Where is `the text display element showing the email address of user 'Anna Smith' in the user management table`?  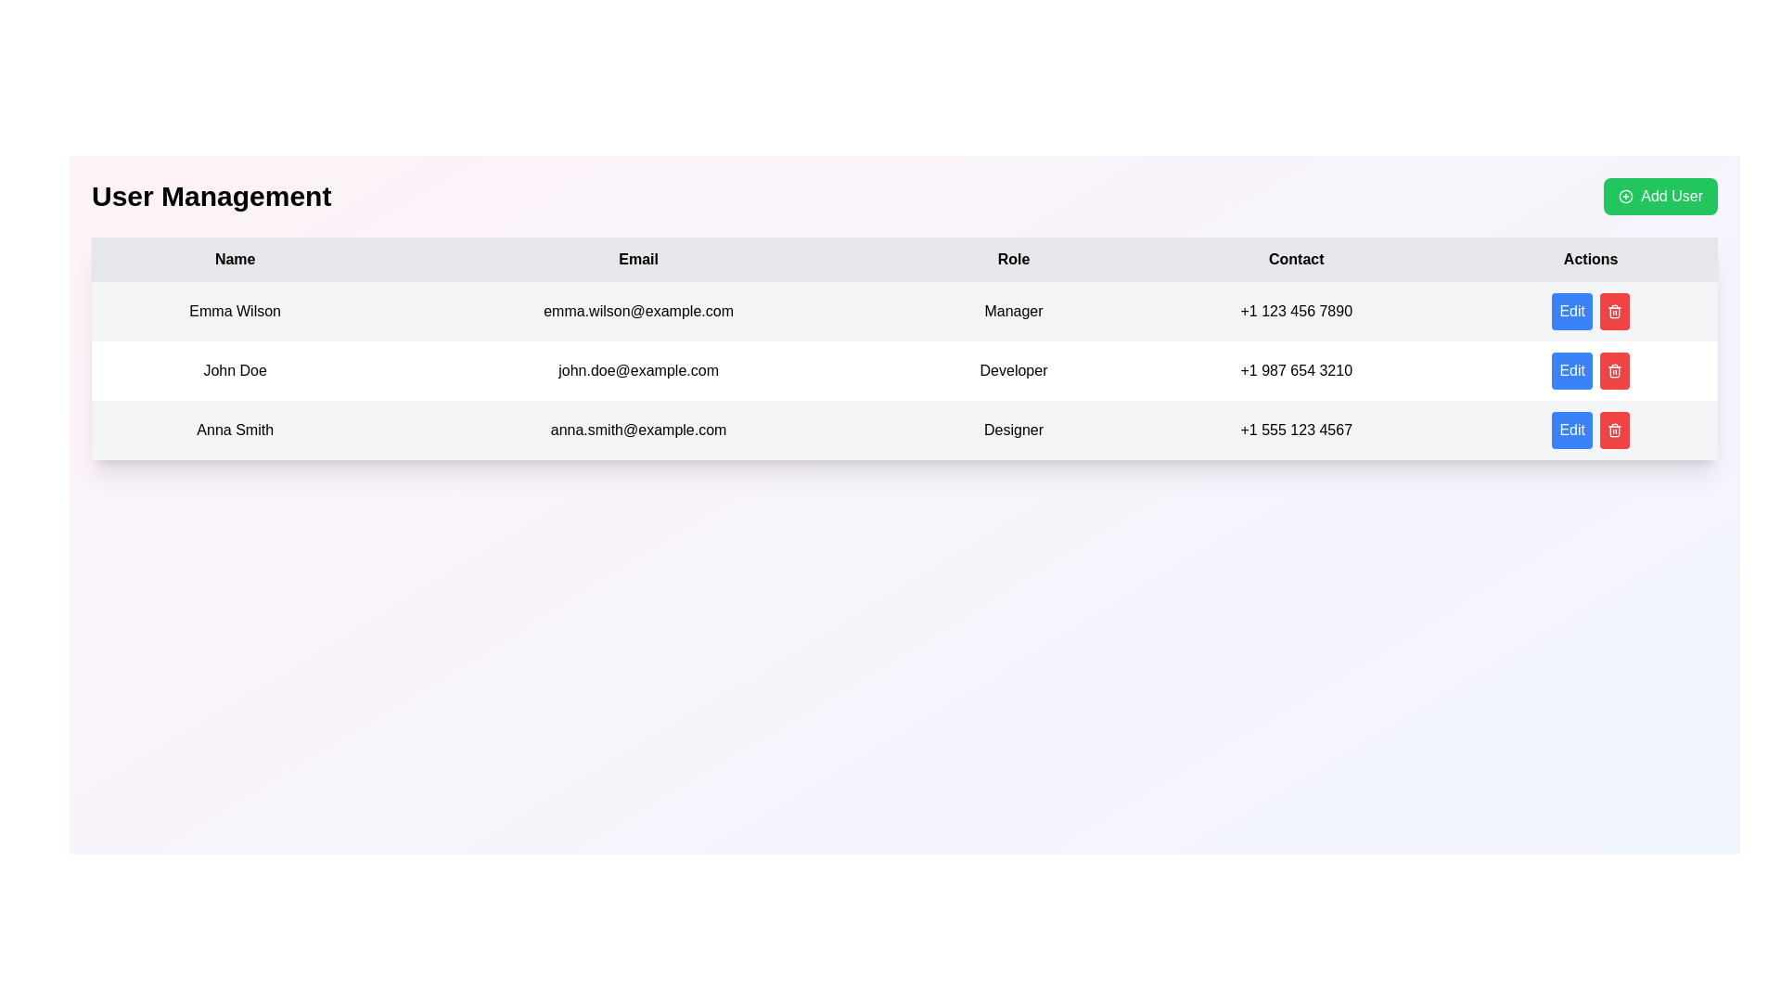 the text display element showing the email address of user 'Anna Smith' in the user management table is located at coordinates (638, 430).